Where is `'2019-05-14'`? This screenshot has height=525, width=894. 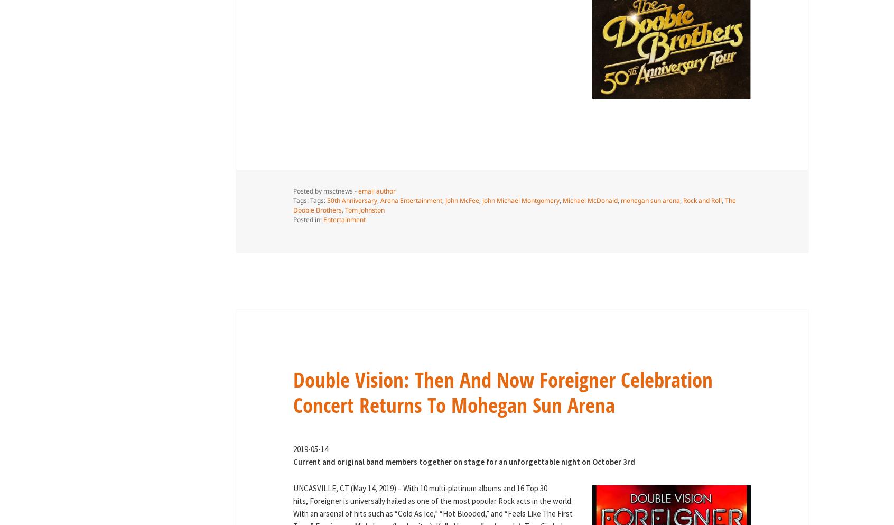 '2019-05-14' is located at coordinates (309, 448).